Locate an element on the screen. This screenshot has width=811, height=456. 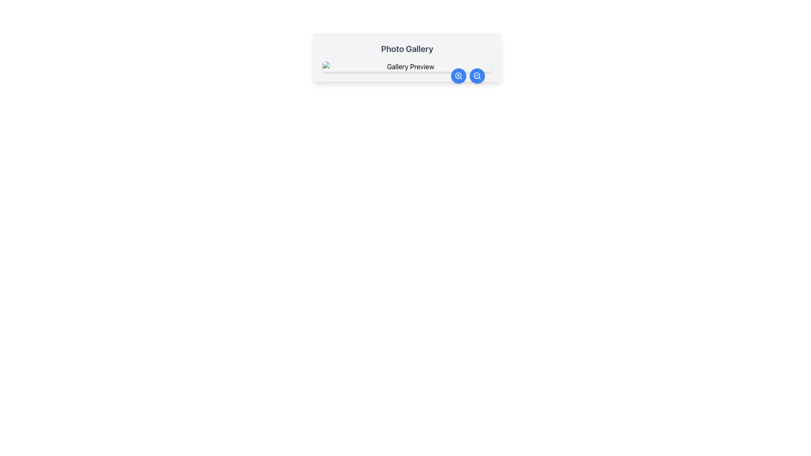
the circular '+' icon inside a magnifying glass with a blue background located in the 'Photo Gallery' section to zoom in is located at coordinates (458, 76).